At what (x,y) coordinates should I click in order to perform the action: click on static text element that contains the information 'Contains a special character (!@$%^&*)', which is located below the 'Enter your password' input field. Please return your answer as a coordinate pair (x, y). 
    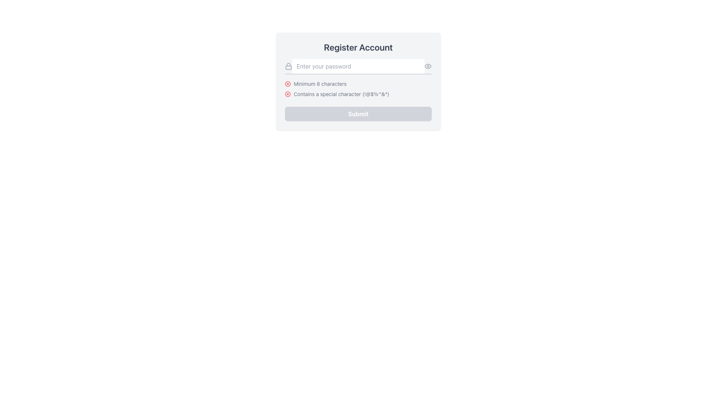
    Looking at the image, I should click on (341, 94).